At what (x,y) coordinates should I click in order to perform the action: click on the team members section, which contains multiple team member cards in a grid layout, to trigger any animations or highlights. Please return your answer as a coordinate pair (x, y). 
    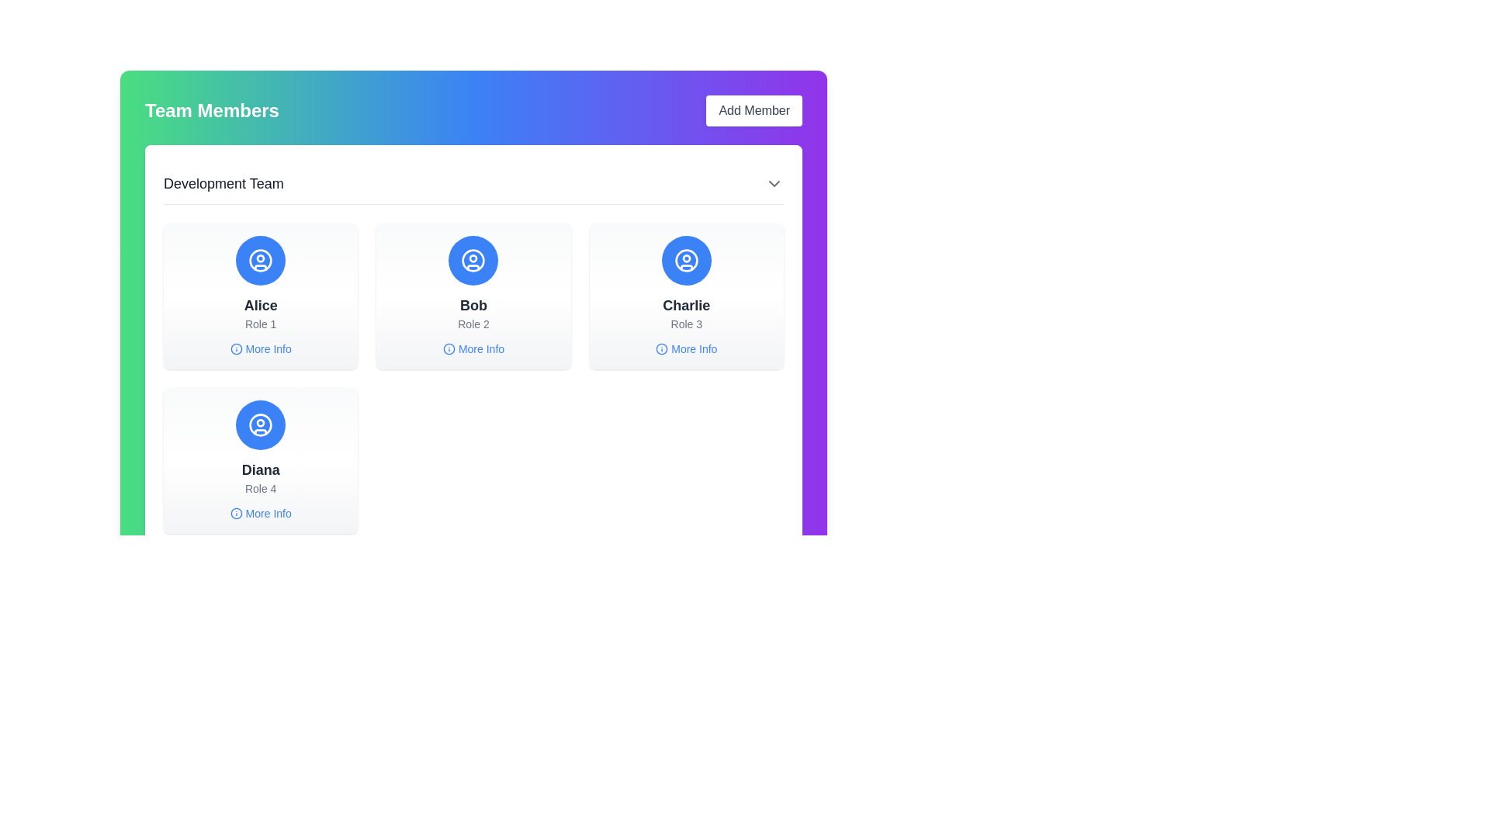
    Looking at the image, I should click on (473, 379).